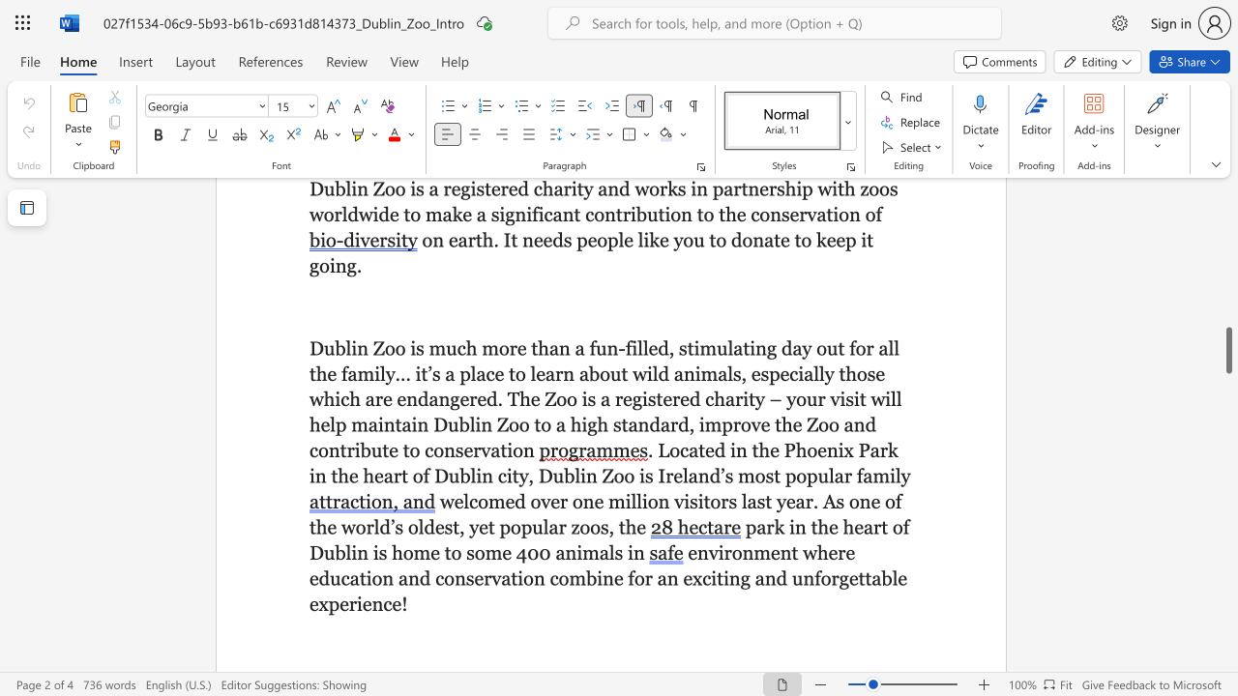  Describe the element at coordinates (516, 527) in the screenshot. I see `the 1th character "o" in the text` at that location.